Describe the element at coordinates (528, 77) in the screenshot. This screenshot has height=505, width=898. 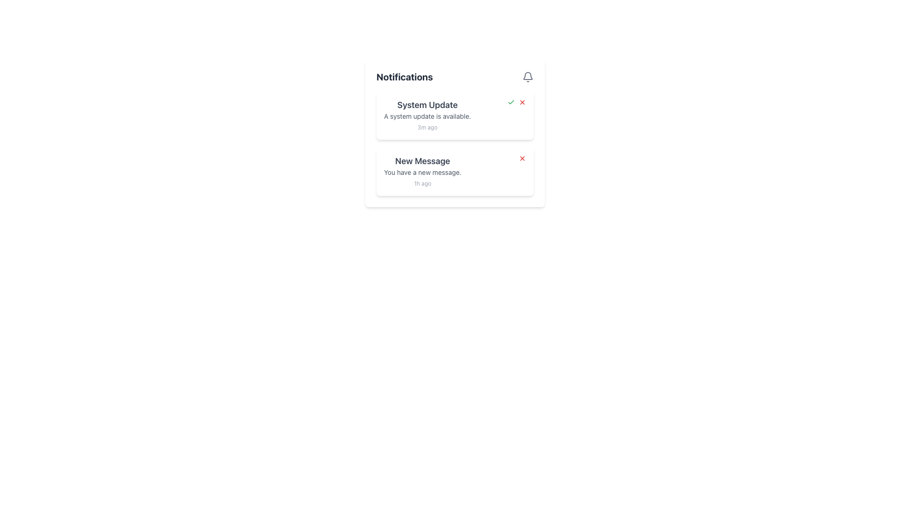
I see `the notification bell icon located on the far right of the header, which serves as an indicator for notifications` at that location.